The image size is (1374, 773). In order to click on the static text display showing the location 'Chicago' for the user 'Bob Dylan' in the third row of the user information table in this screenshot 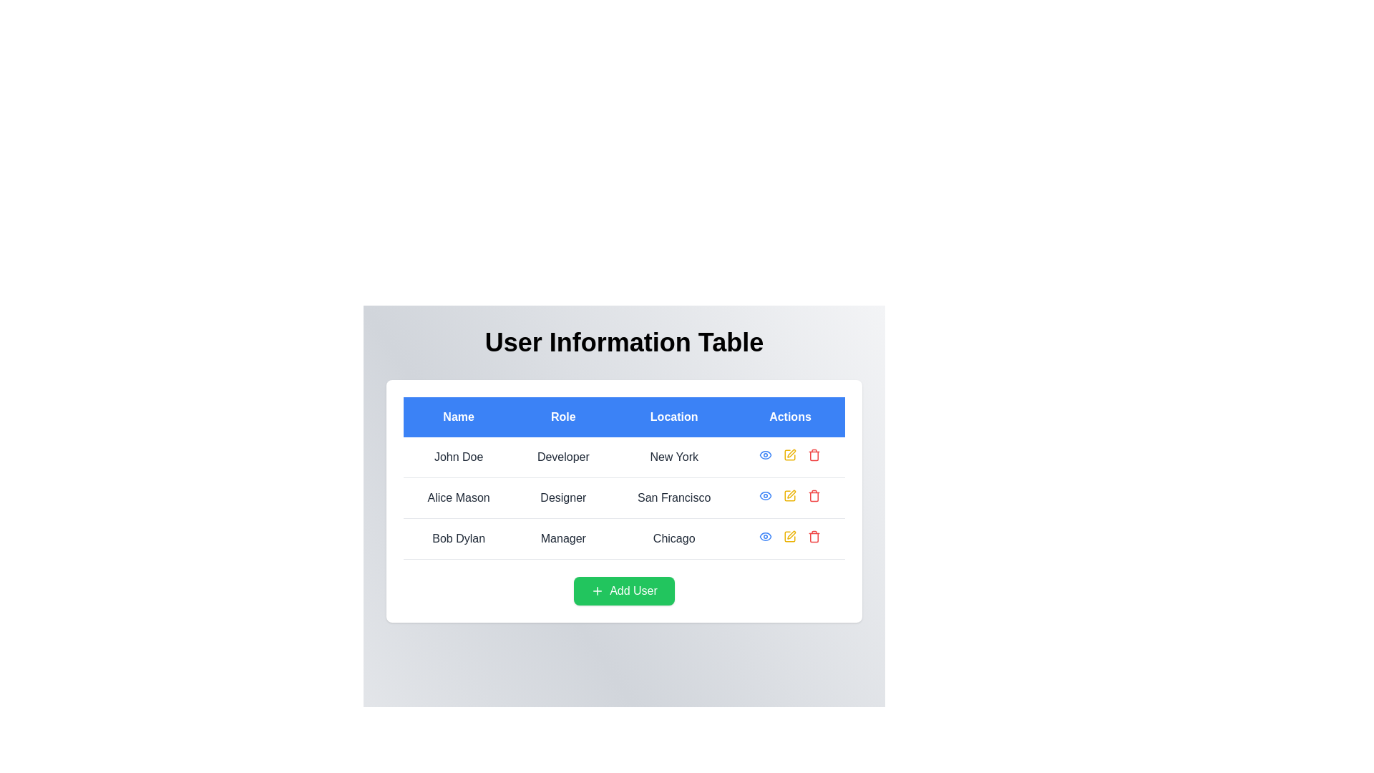, I will do `click(673, 538)`.